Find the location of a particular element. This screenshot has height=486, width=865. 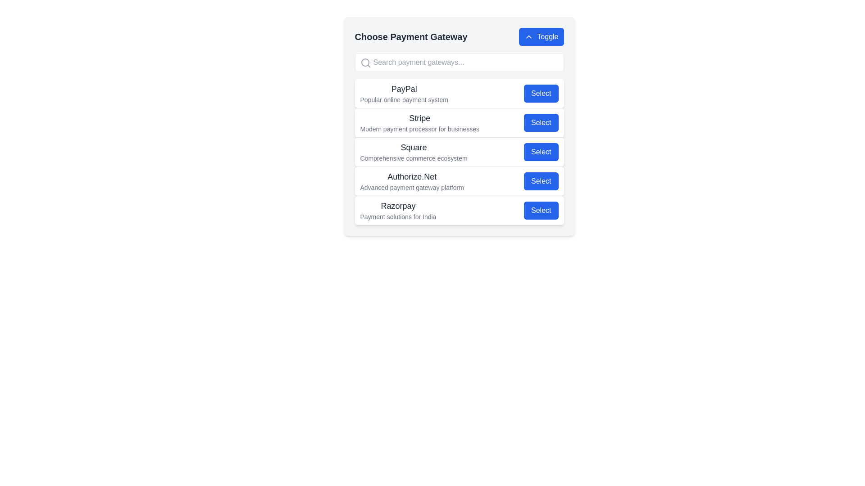

the 'PayPal' textual description panel, which displays 'PayPal' in bold and larger font above 'Popular online payment system' in a smaller font, located within a white card-like background near the top center is located at coordinates (404, 94).